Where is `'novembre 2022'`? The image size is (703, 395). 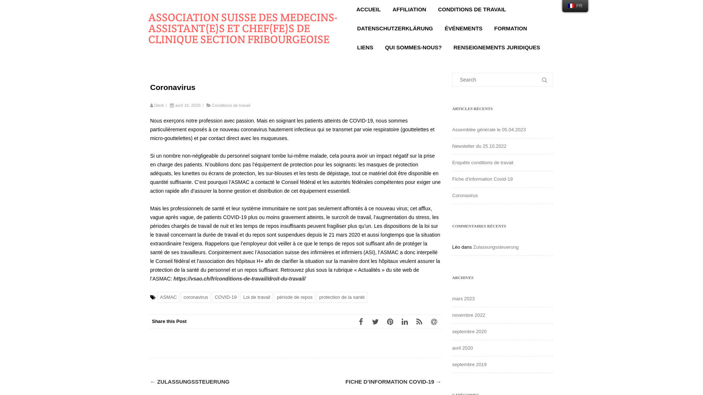 'novembre 2022' is located at coordinates (469, 315).